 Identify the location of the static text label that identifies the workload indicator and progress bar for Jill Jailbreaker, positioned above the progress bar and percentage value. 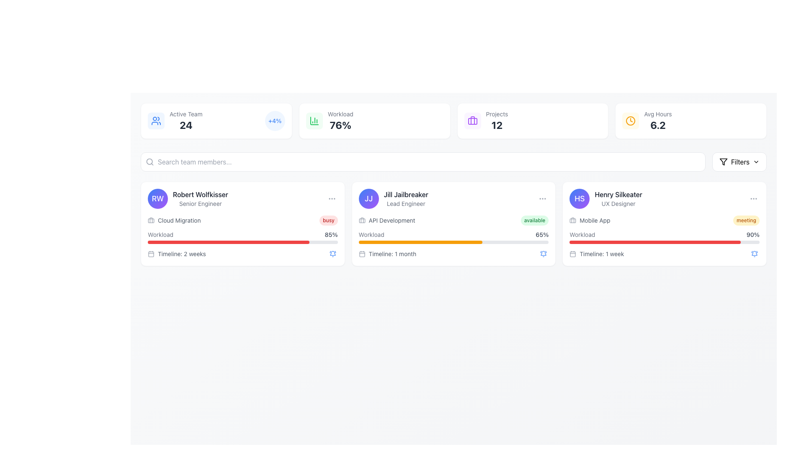
(371, 234).